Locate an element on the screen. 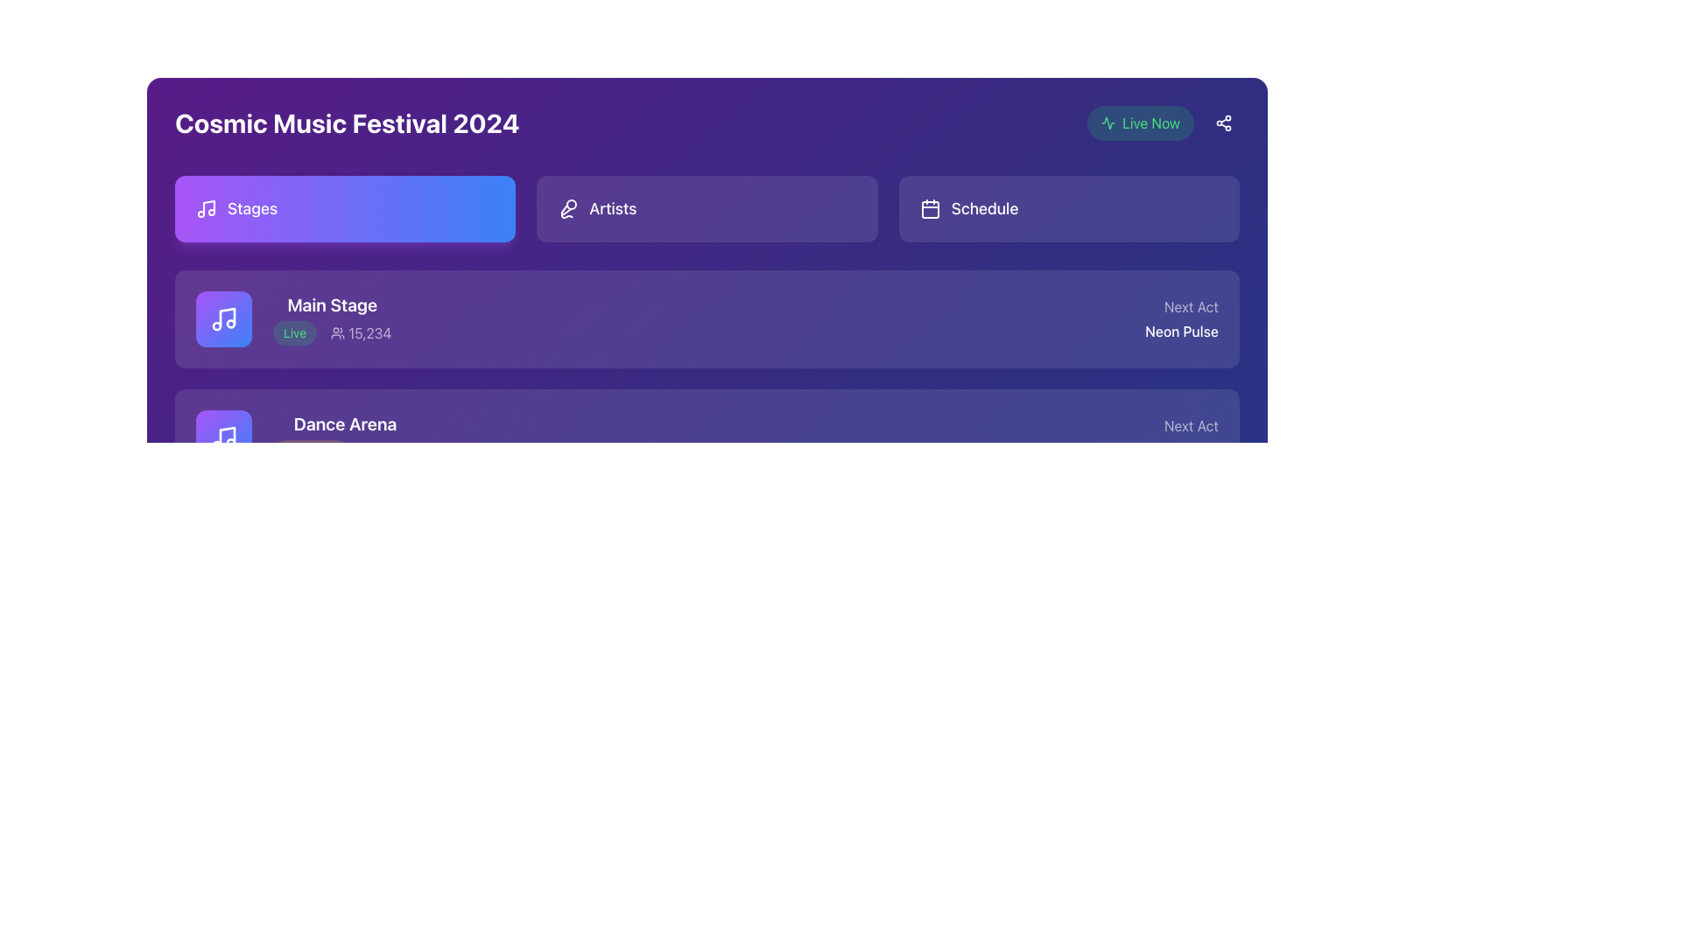 This screenshot has height=945, width=1681. the social sharing button located at the top-right corner of the interface, adjacent to the 'Live Now' button is located at coordinates (1222, 122).